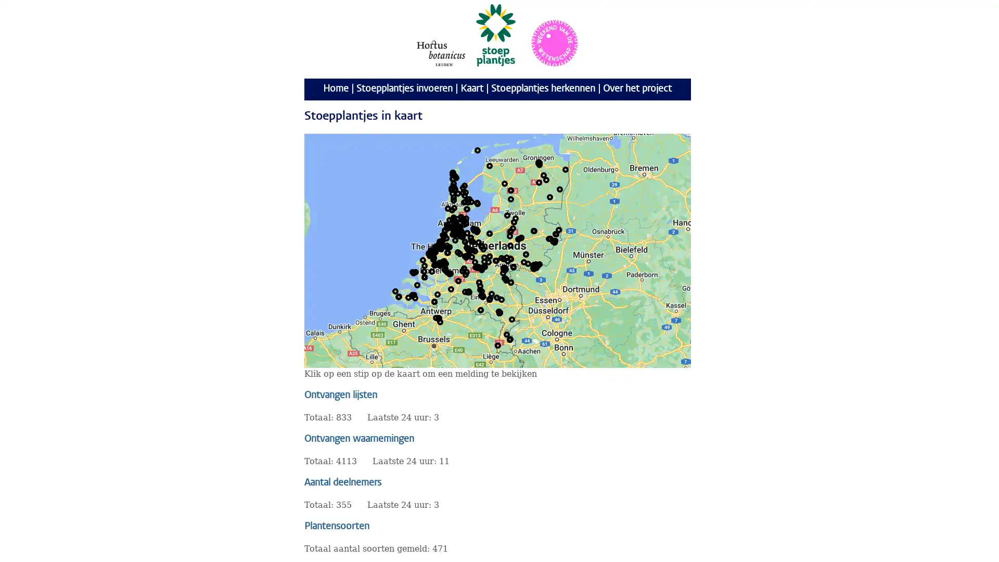 The height and width of the screenshot is (562, 999). Describe the element at coordinates (455, 240) in the screenshot. I see `Telling van op 04 maart 2022` at that location.